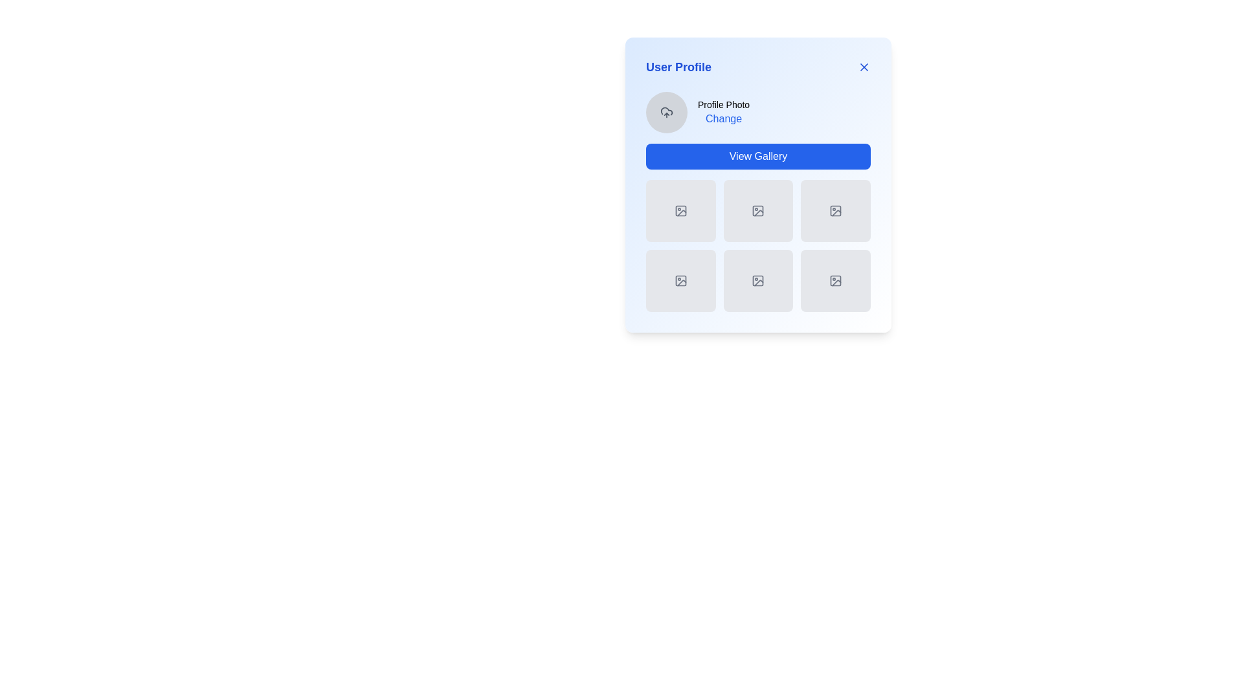 This screenshot has height=699, width=1243. Describe the element at coordinates (680, 280) in the screenshot. I see `the center of the square-shaped placeholder for media content with a gray background and an image icon, located in the bottom-left section of the grid in the 'User Profile' modal` at that location.